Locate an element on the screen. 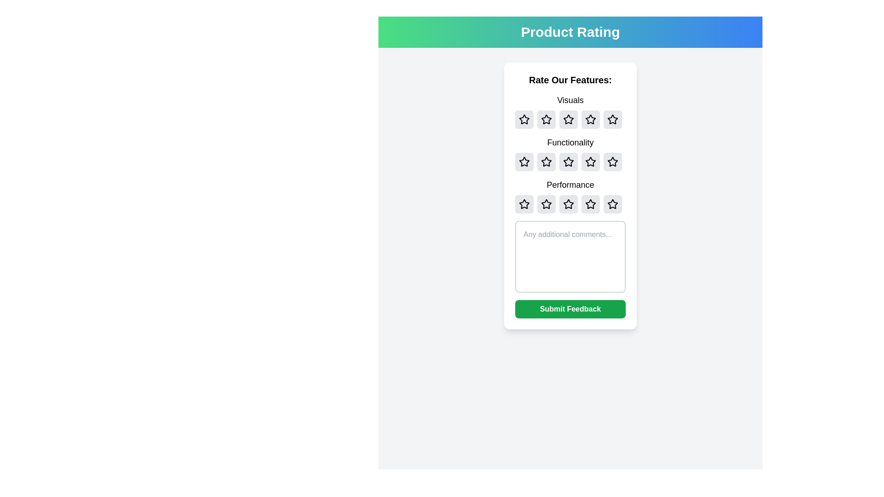 The image size is (884, 497). the Rating star button located in the second row, third column of the grid under 'Functionality' is located at coordinates (568, 161).